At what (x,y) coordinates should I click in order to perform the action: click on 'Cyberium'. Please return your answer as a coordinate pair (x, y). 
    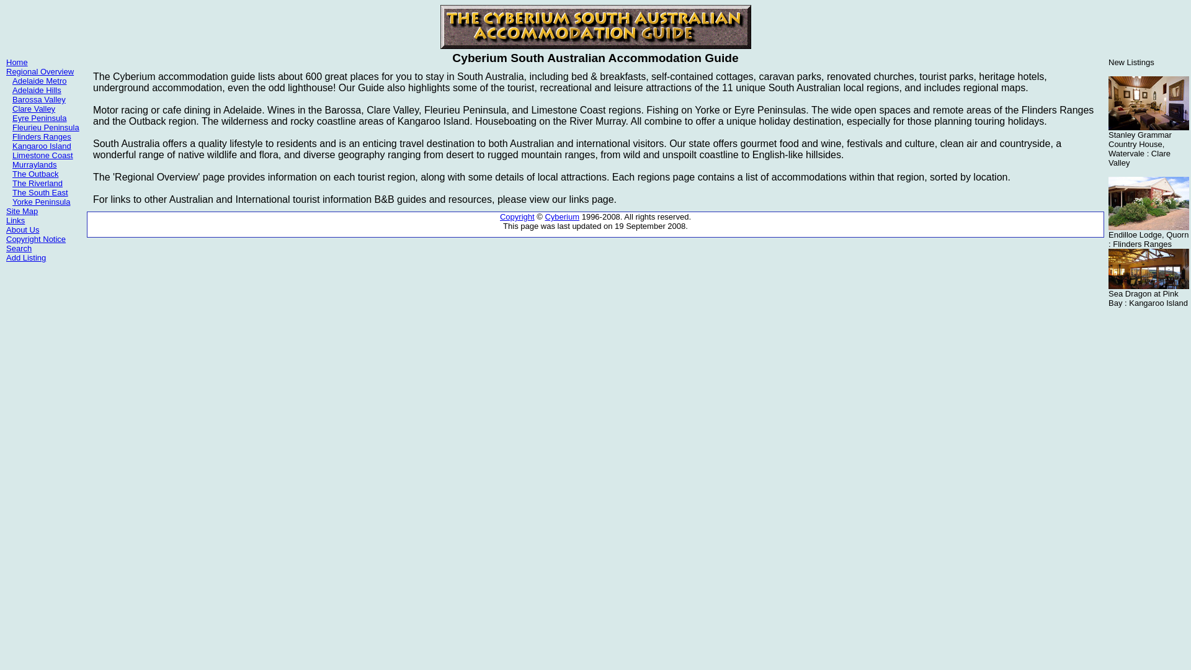
    Looking at the image, I should click on (561, 216).